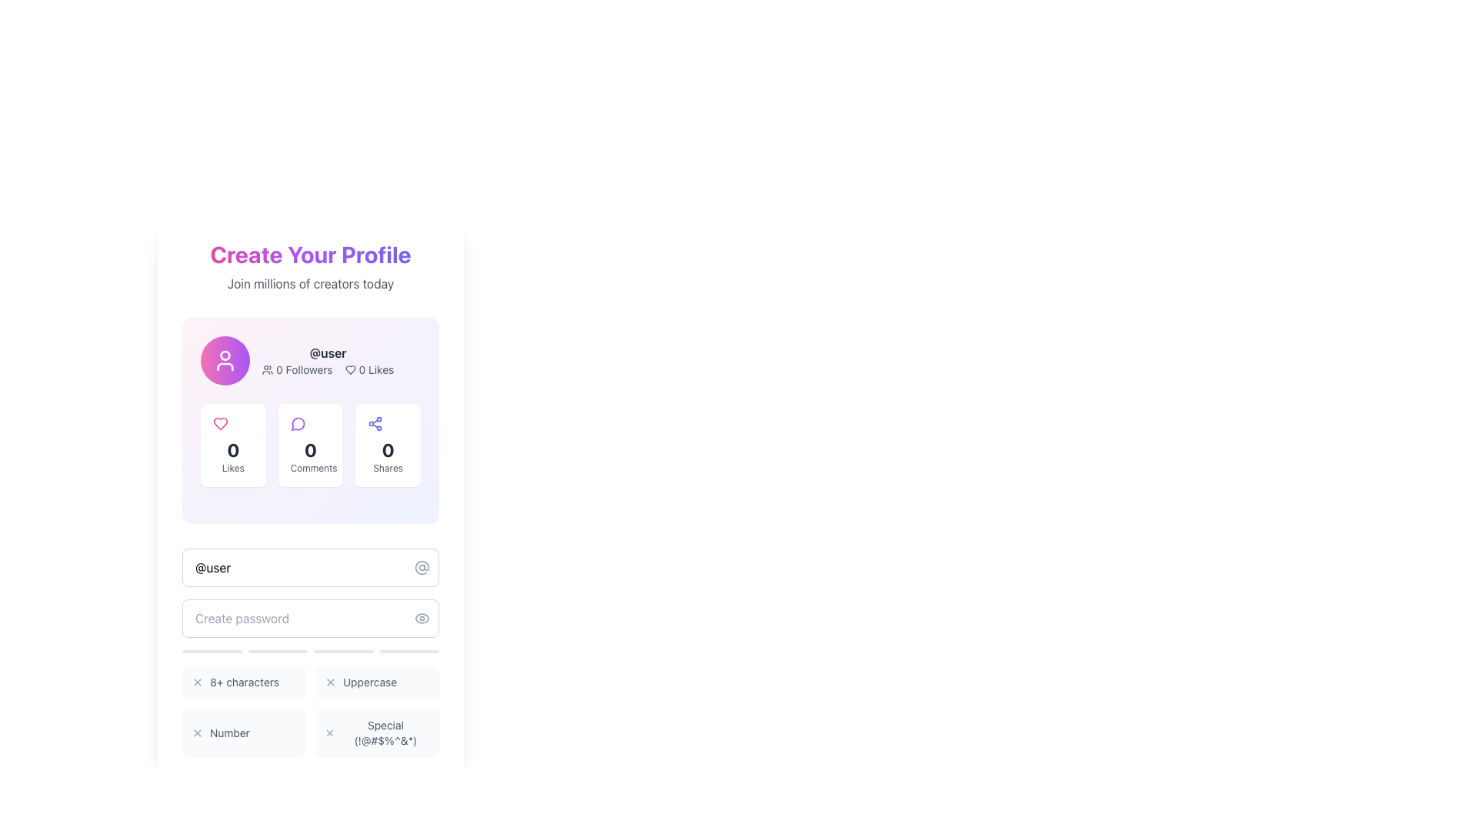 The image size is (1477, 831). Describe the element at coordinates (327, 353) in the screenshot. I see `the text display component showing the username '@user' in bold dark gray font, located at the center of the profile card above the metrics` at that location.